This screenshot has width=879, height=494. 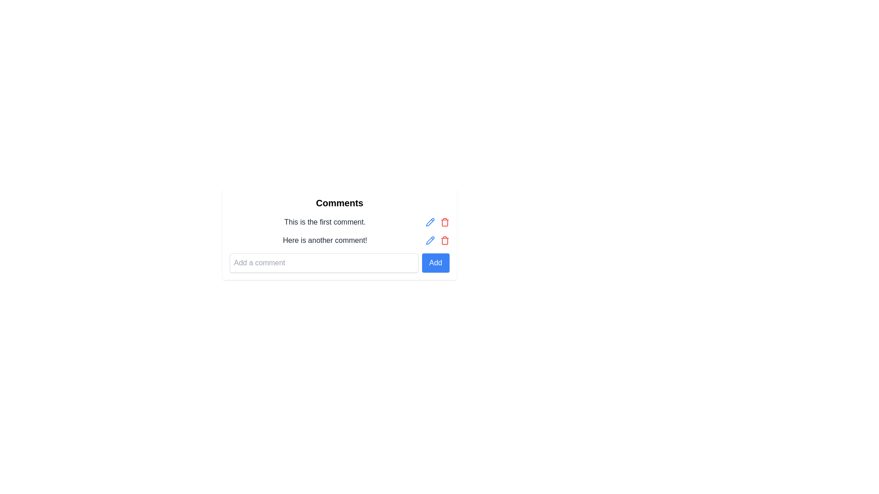 I want to click on the first comment displayed in the comments section, located directly beneath the 'Comments' heading, so click(x=325, y=222).